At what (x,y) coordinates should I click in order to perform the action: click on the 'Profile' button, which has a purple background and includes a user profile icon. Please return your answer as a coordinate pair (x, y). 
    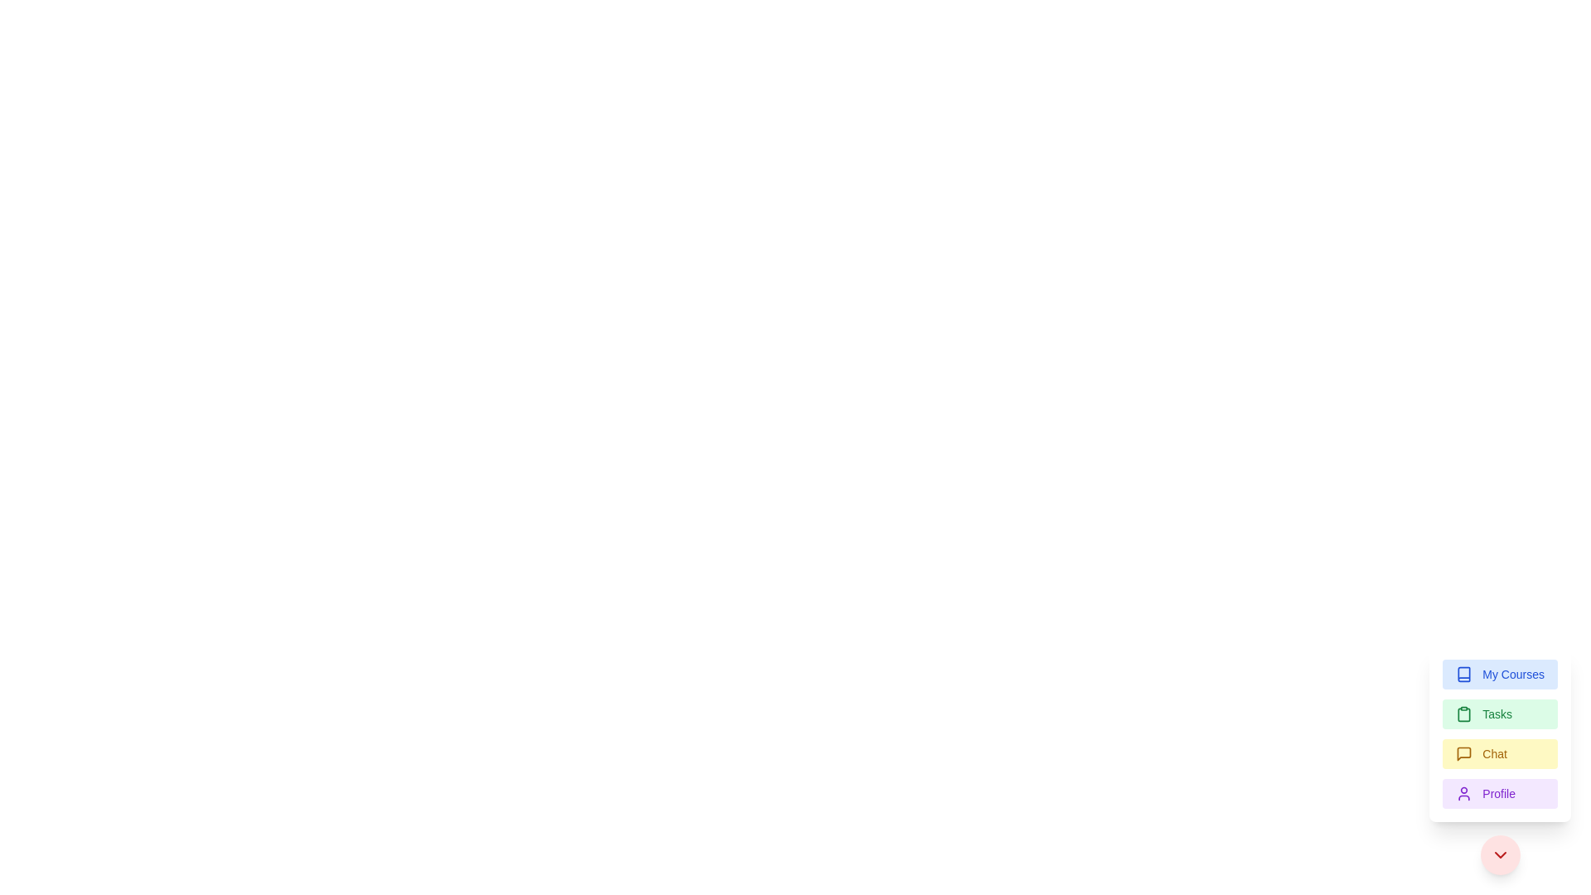
    Looking at the image, I should click on (1500, 792).